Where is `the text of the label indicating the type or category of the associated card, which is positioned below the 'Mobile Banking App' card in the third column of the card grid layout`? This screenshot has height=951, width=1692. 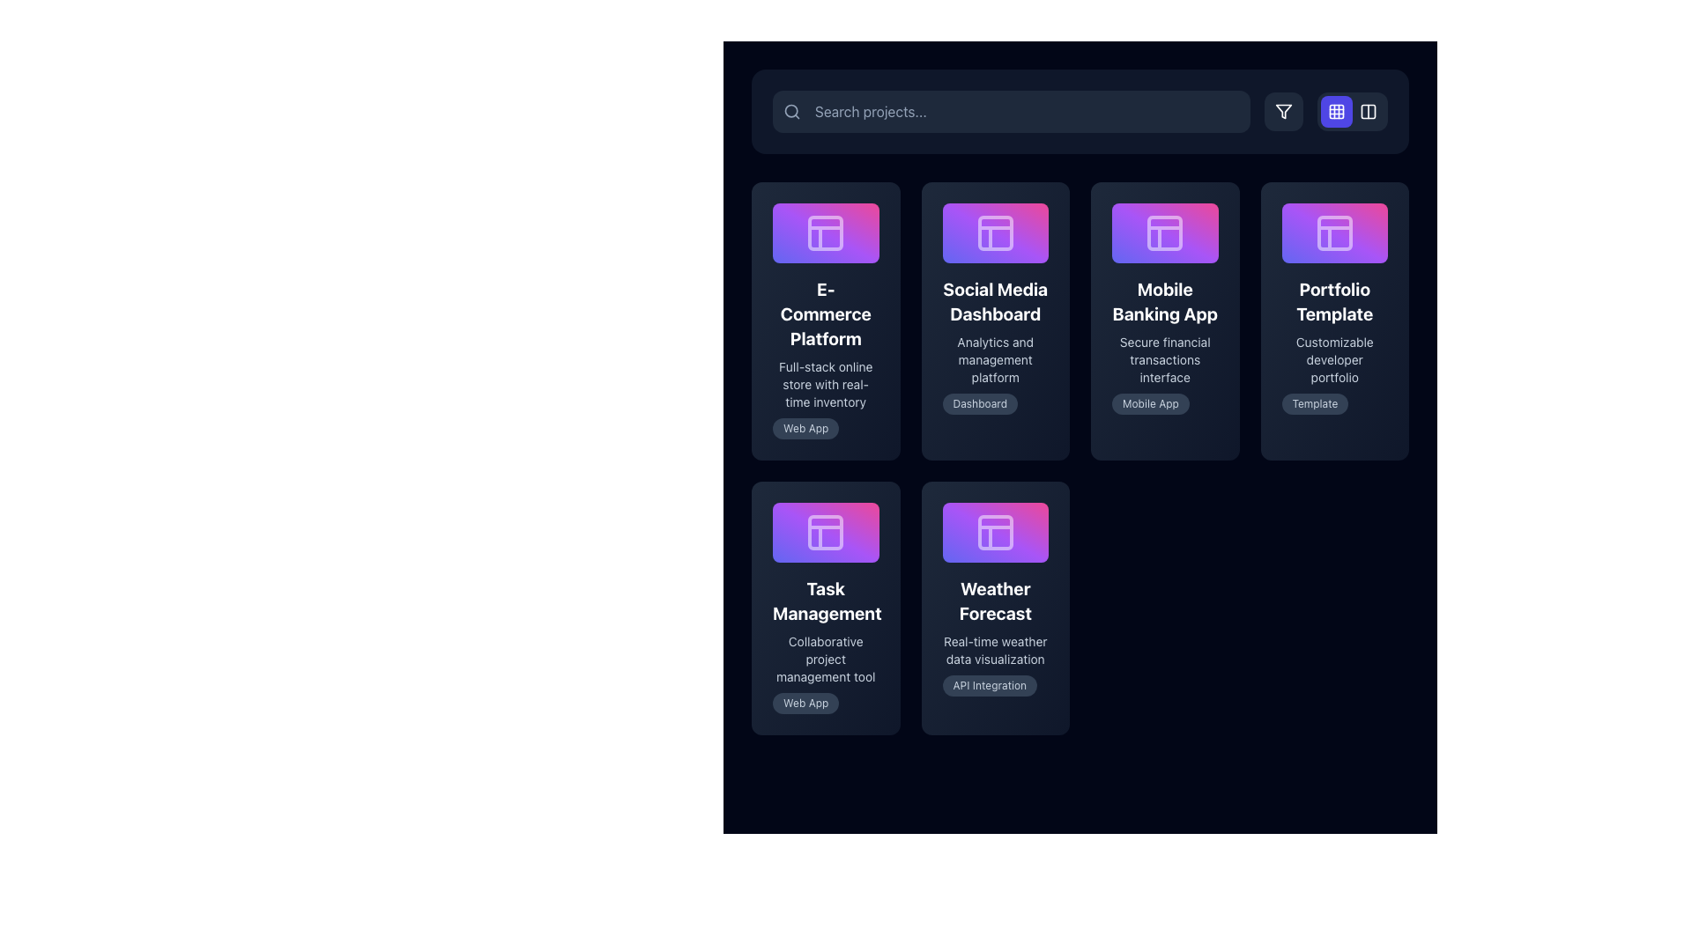
the text of the label indicating the type or category of the associated card, which is positioned below the 'Mobile Banking App' card in the third column of the card grid layout is located at coordinates (1150, 403).